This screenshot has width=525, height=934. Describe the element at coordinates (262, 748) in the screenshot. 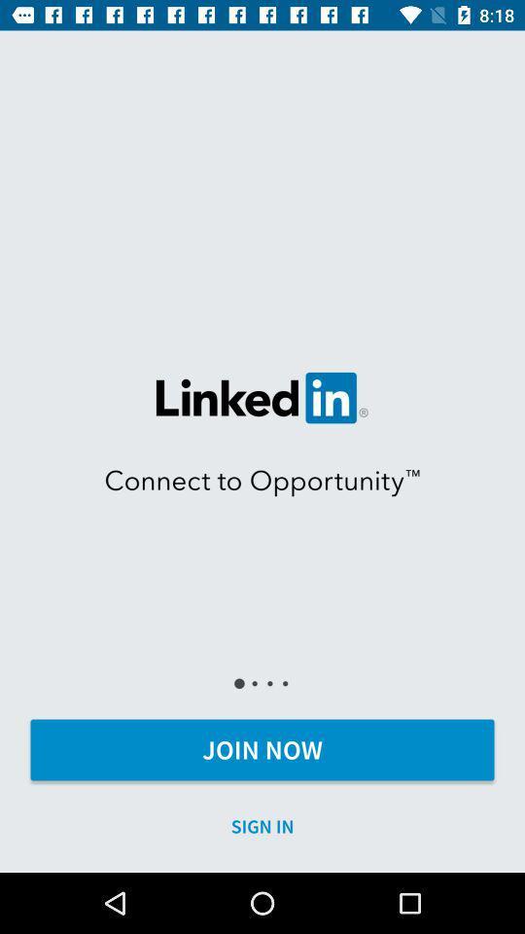

I see `the icon above sign in` at that location.